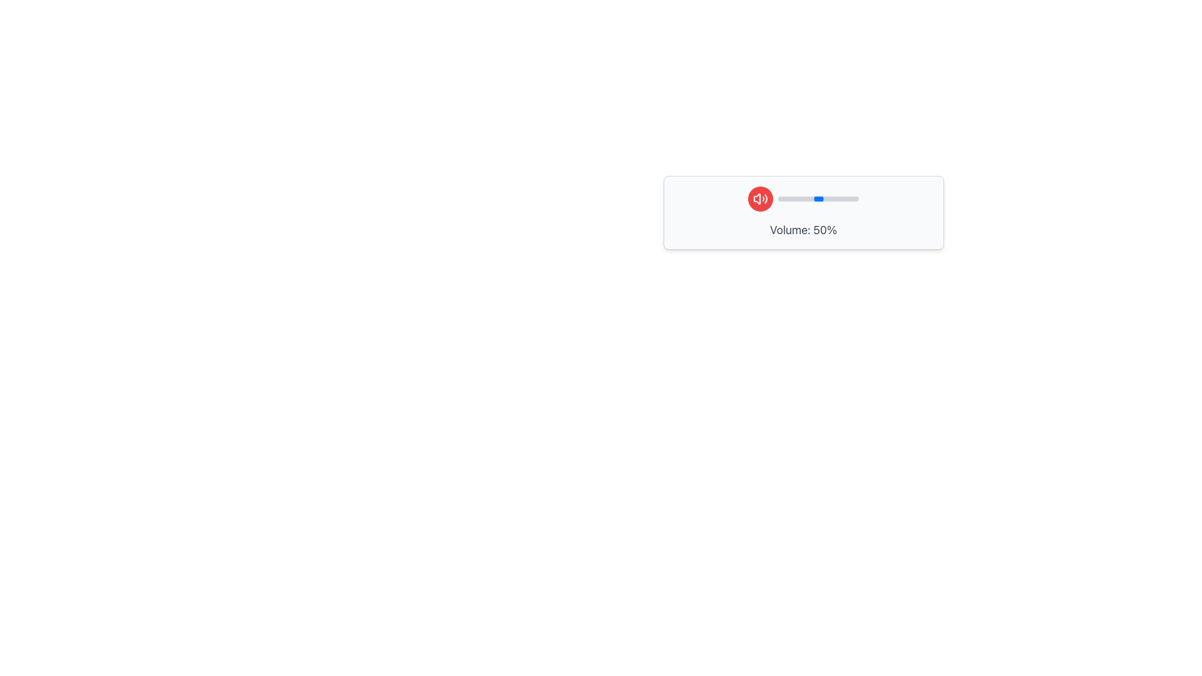 The height and width of the screenshot is (676, 1202). I want to click on the small red circular button featuring a white speaker icon, so click(759, 198).